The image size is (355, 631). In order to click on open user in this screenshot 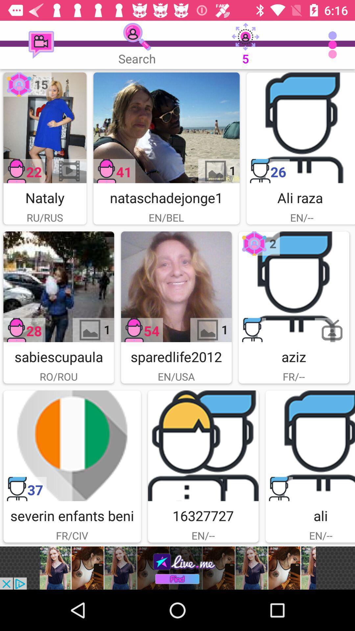, I will do `click(72, 446)`.